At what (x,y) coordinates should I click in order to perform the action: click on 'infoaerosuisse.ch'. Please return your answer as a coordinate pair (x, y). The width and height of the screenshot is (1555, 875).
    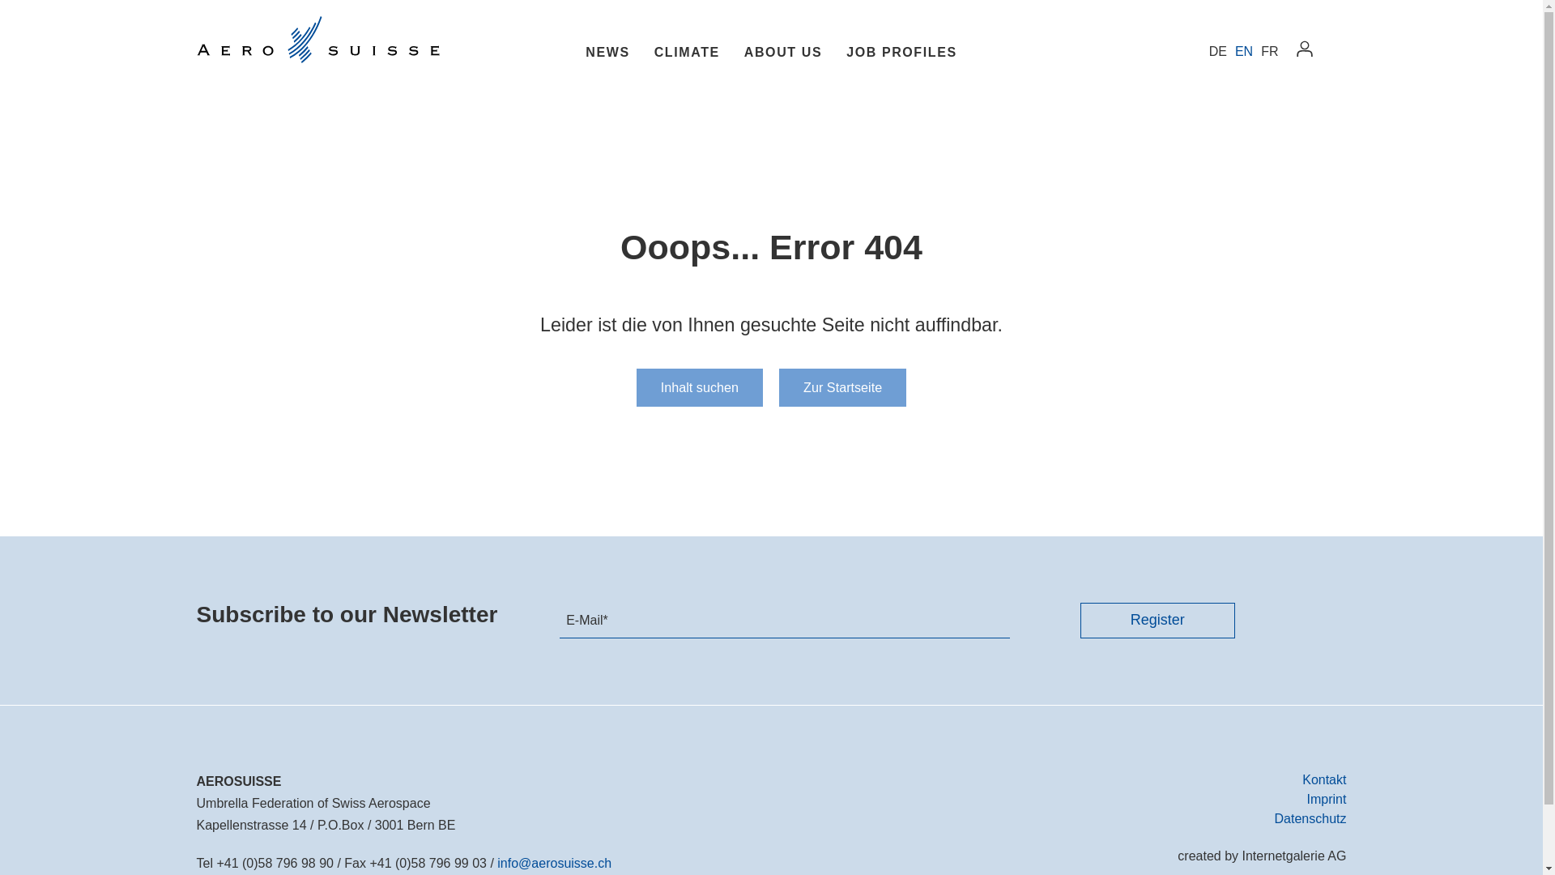
    Looking at the image, I should click on (496, 862).